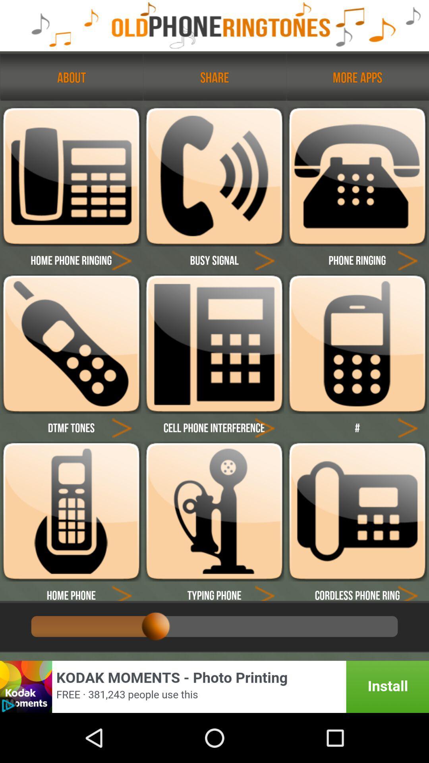  I want to click on the home phone button at bottom left, so click(71, 591).